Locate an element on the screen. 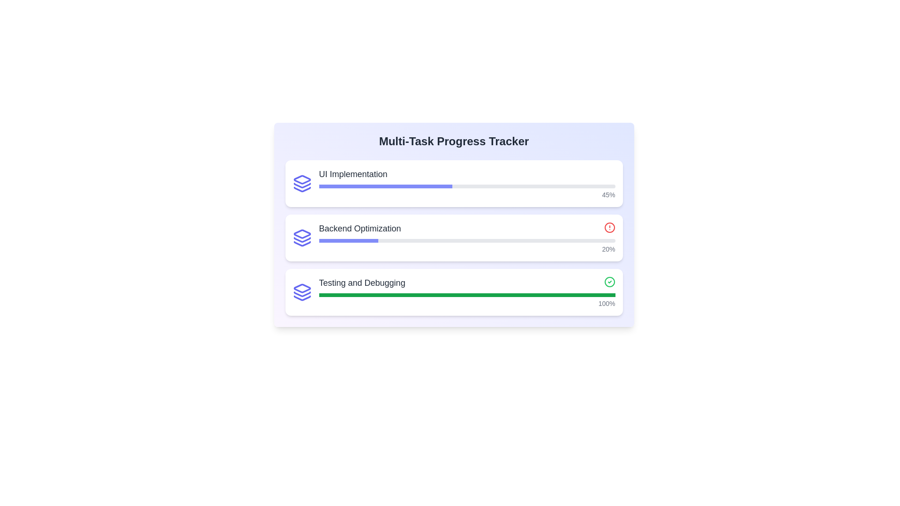  progress percentage of the second progress tracking row in the Multi-Task Progress Tracker component, located between 'UI Implementation' and 'Testing and Debugging' is located at coordinates (454, 238).